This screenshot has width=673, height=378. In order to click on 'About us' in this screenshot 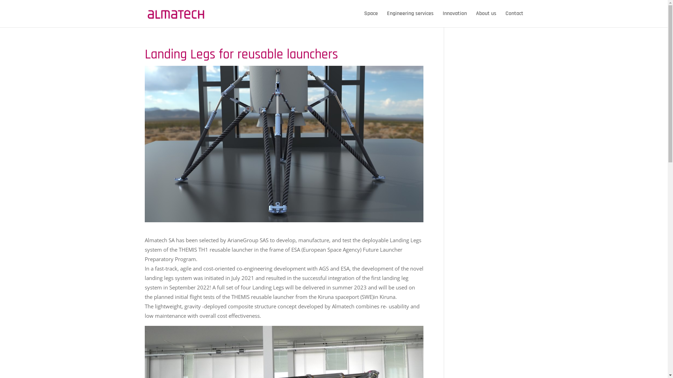, I will do `click(476, 19)`.